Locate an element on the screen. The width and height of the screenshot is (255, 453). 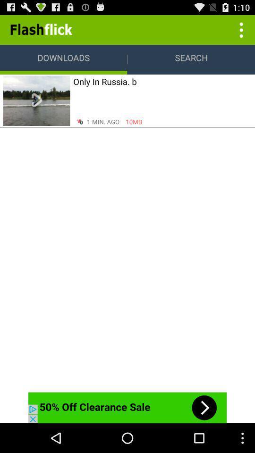
manu button is located at coordinates (240, 29).